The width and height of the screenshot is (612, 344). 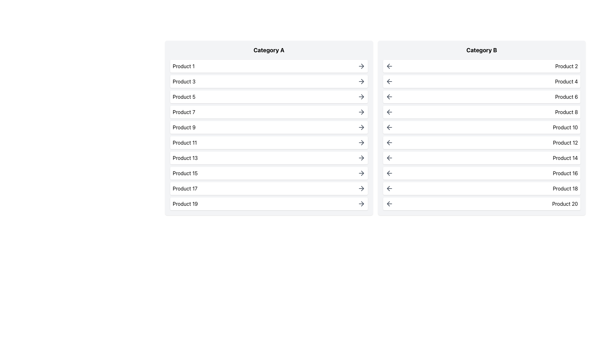 I want to click on the rightward arrow icon associated with 'Product 9' in the 'Category A' column, so click(x=362, y=127).